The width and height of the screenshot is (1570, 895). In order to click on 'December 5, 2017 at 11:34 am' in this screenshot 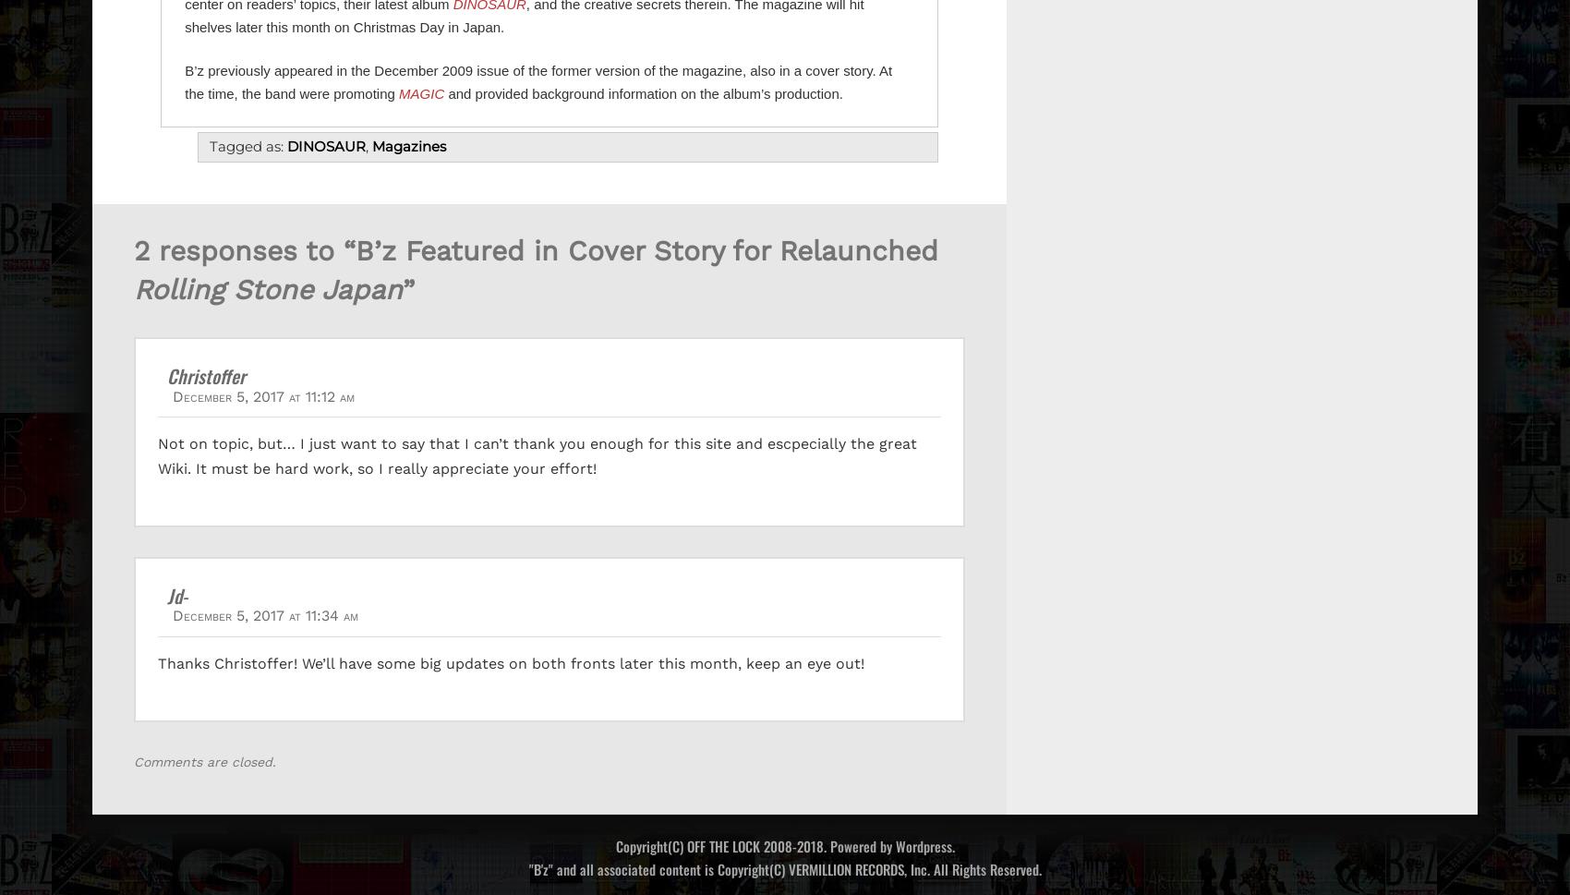, I will do `click(265, 614)`.